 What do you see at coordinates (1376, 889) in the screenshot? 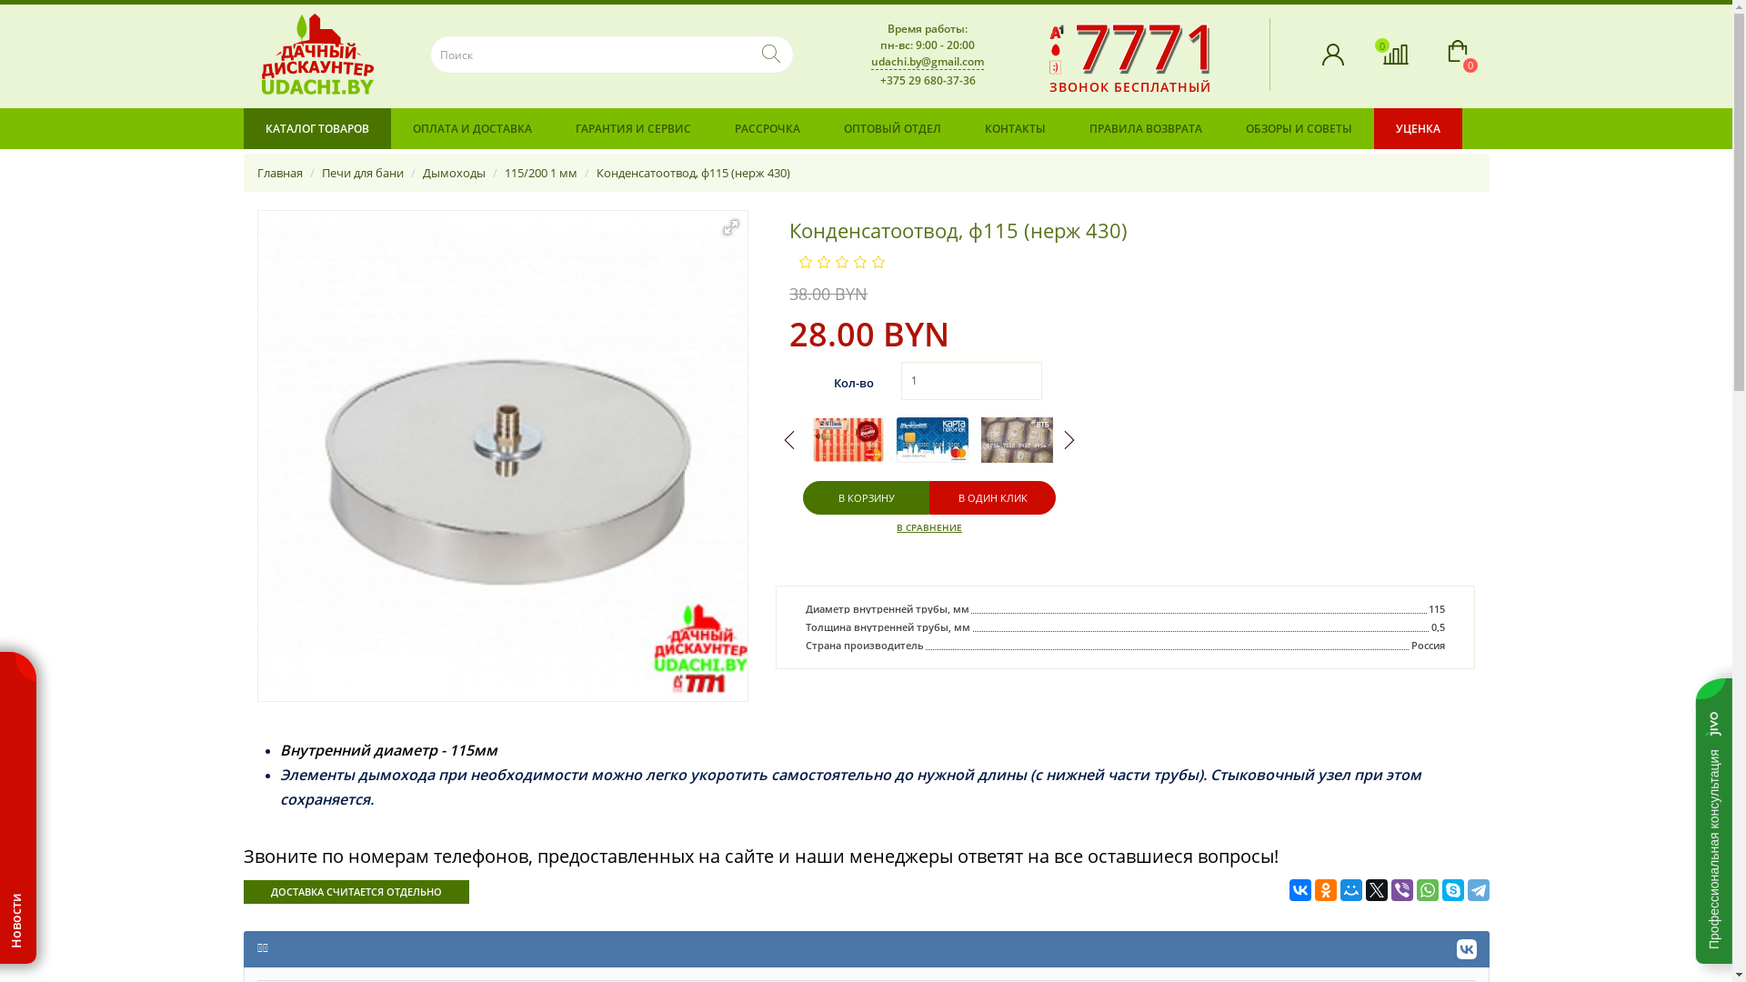
I see `'Twitter'` at bounding box center [1376, 889].